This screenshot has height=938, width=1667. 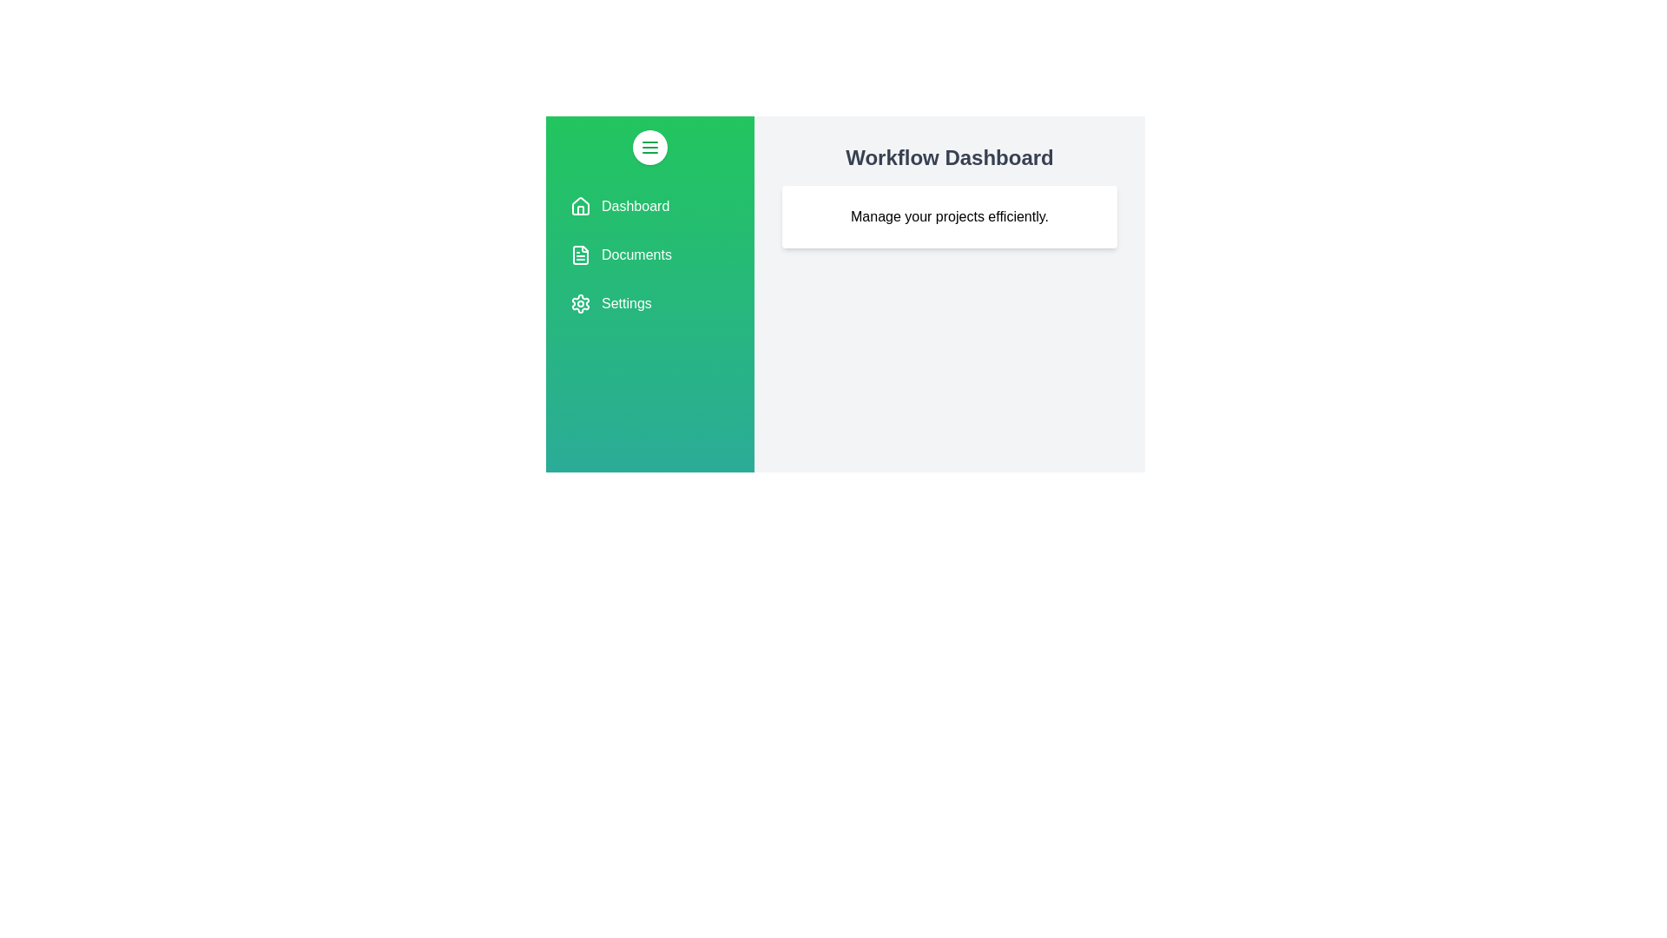 I want to click on the drawer item Documents to highlight it, so click(x=649, y=254).